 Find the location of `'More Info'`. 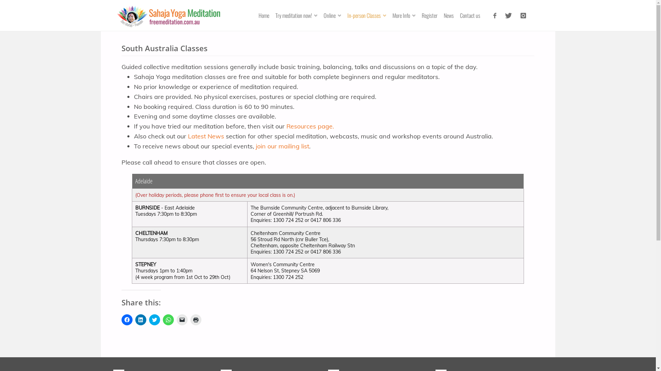

'More Info' is located at coordinates (392, 15).